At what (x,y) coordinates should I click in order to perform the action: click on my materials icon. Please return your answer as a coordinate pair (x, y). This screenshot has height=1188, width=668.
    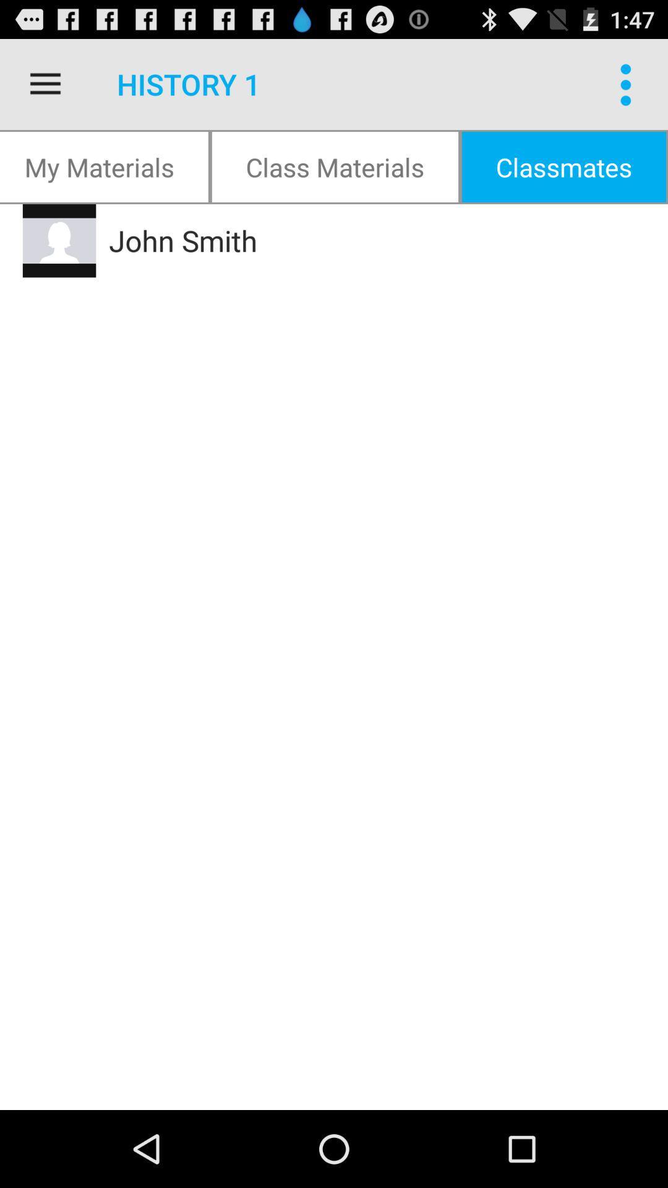
    Looking at the image, I should click on (104, 166).